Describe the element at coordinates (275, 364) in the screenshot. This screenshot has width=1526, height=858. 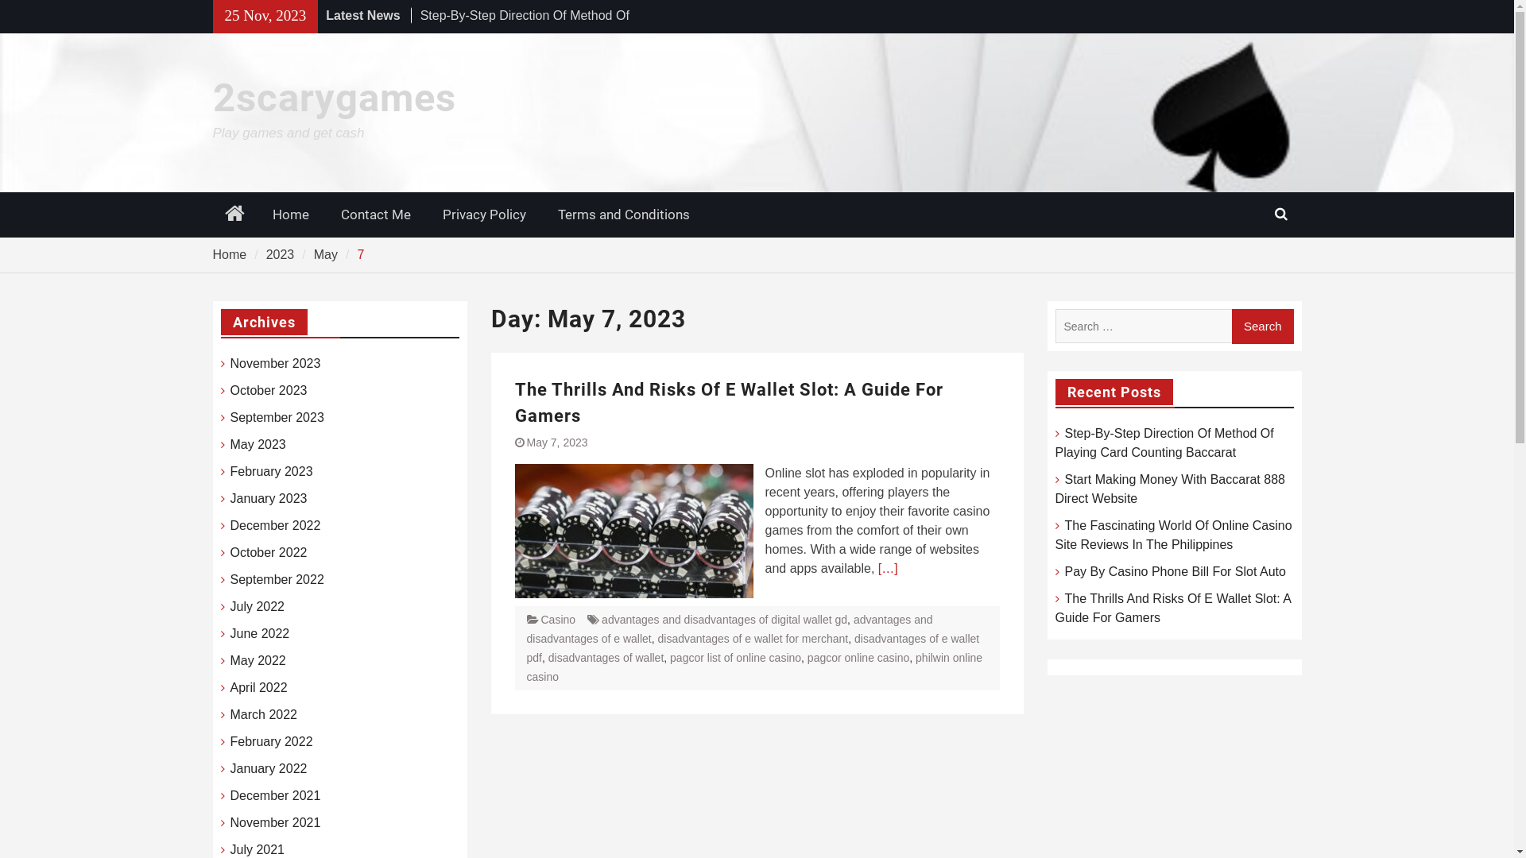
I see `'November 2023'` at that location.